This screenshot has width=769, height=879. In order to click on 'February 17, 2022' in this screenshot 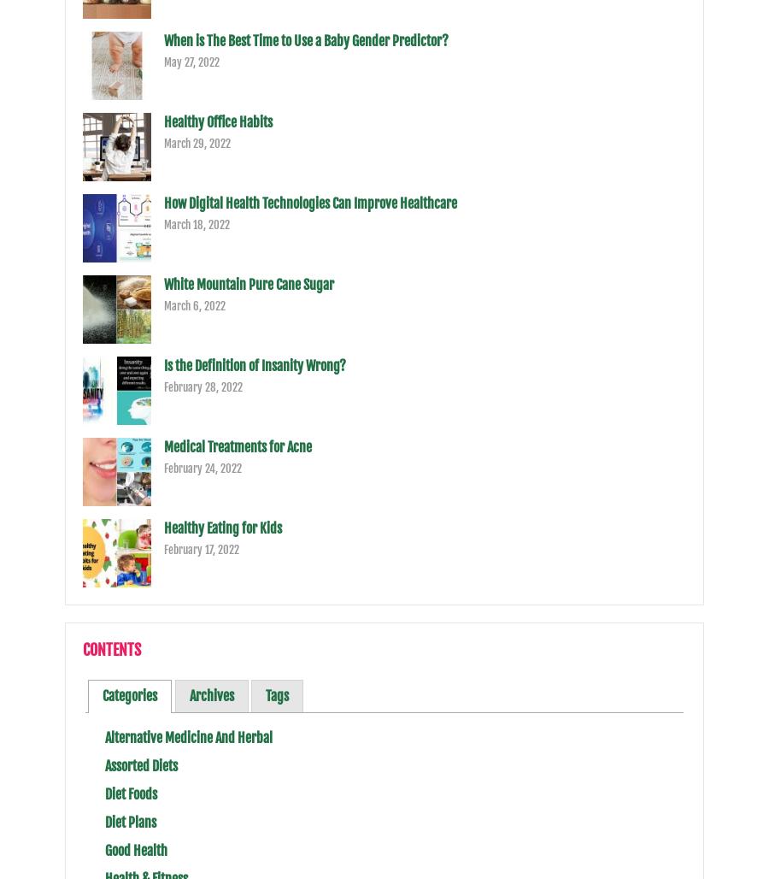, I will do `click(163, 550)`.